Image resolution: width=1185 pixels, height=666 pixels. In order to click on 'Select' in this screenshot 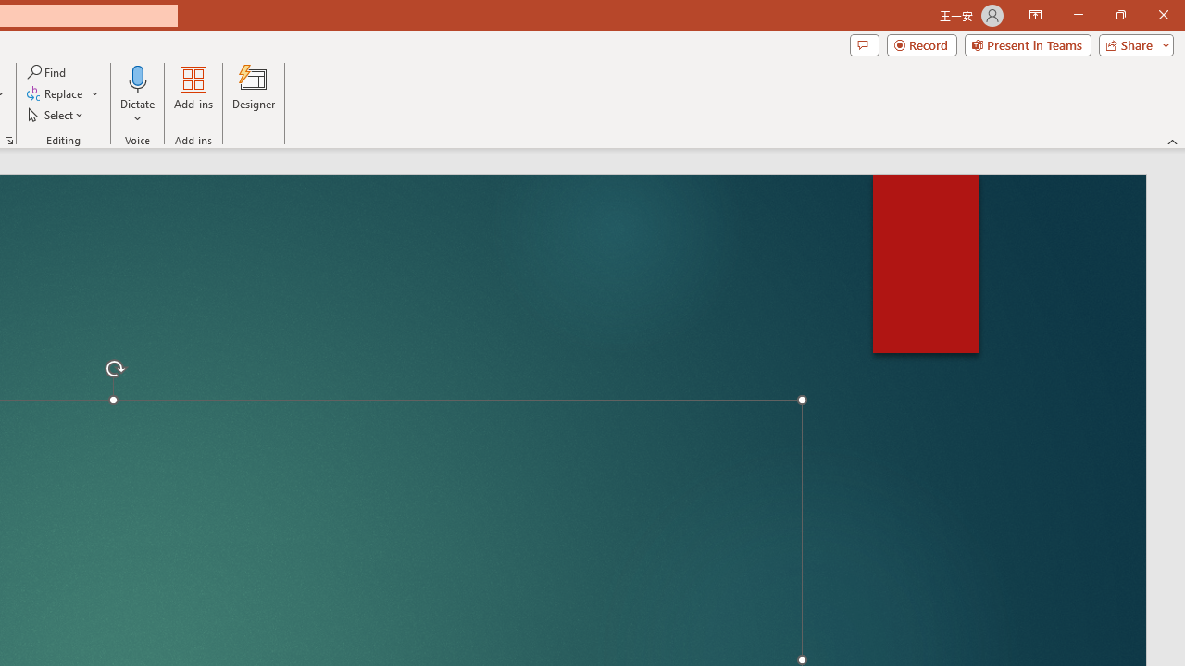, I will do `click(56, 115)`.